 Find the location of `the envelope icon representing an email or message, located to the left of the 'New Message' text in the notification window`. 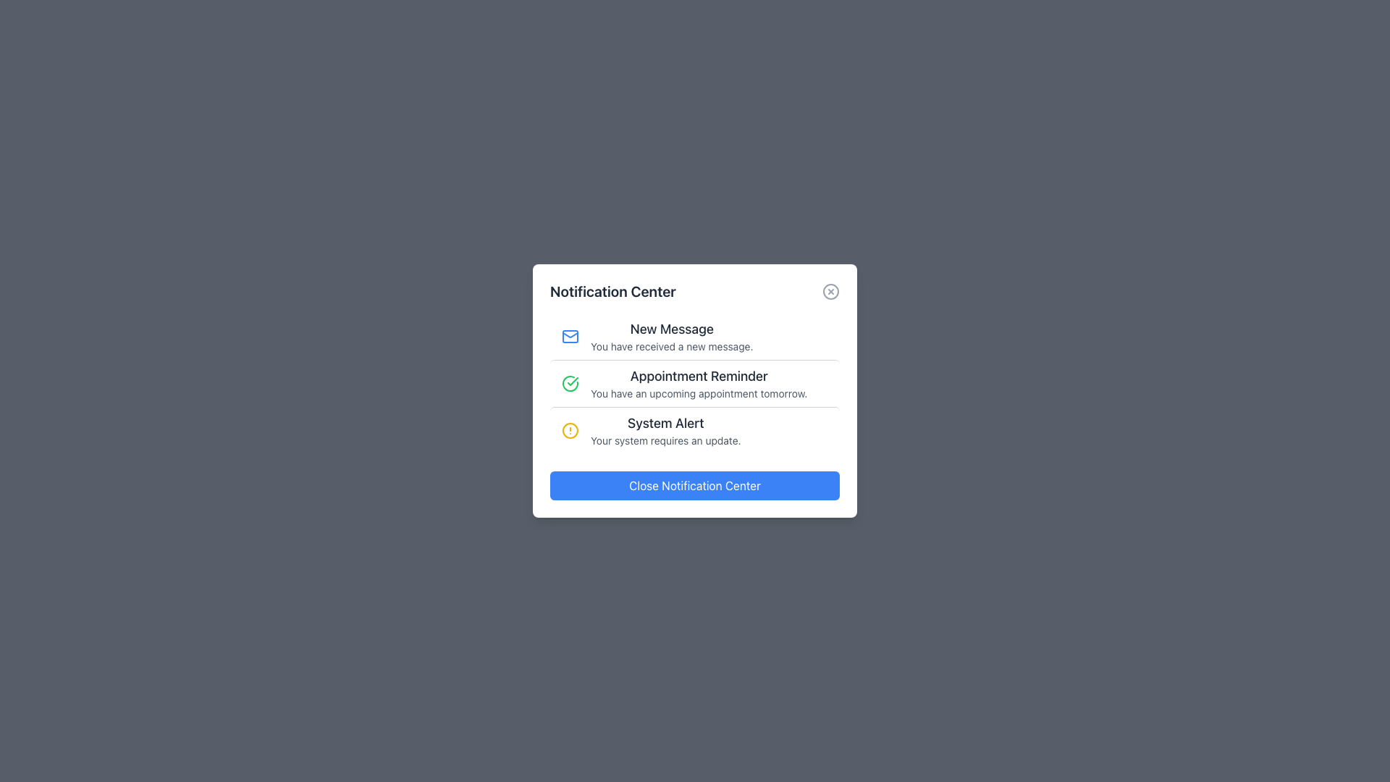

the envelope icon representing an email or message, located to the left of the 'New Message' text in the notification window is located at coordinates (569, 337).